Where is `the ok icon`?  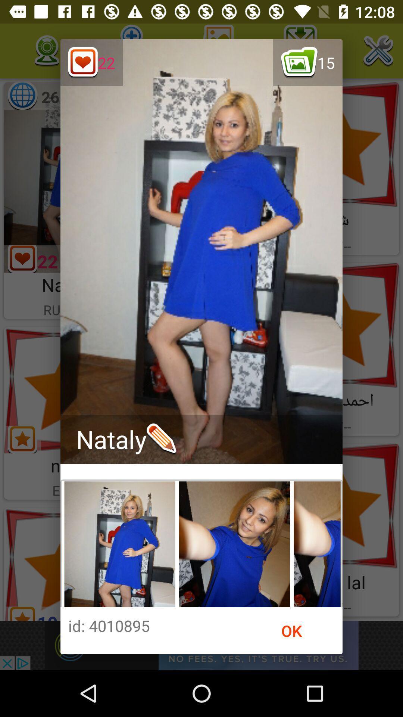 the ok icon is located at coordinates (291, 630).